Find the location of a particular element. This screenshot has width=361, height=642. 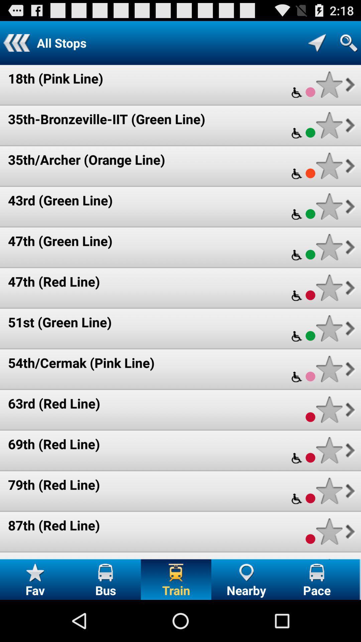

the 95th/danryan(redline) app is located at coordinates (79, 558).